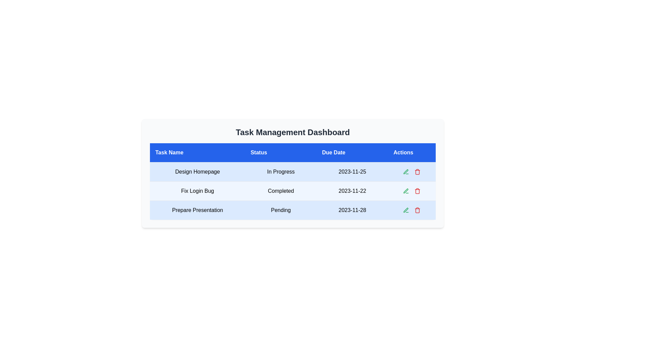  Describe the element at coordinates (405, 191) in the screenshot. I see `the curved portion of the green pen icon located in the 'Actions' column for the first task row, adjacent to the trash bin icon` at that location.